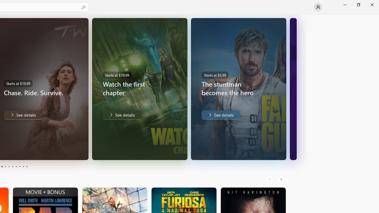  What do you see at coordinates (26, 167) in the screenshot?
I see `'Page 10'` at bounding box center [26, 167].